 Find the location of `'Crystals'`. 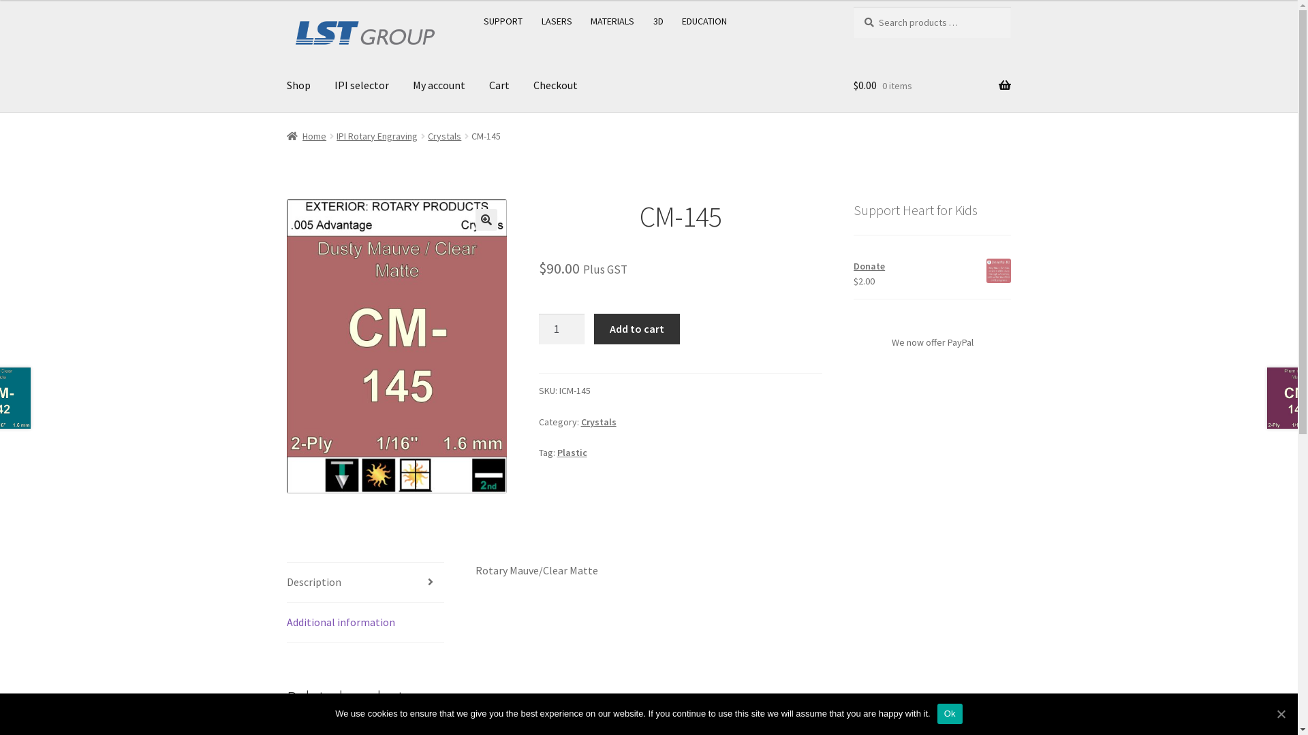

'Crystals' is located at coordinates (598, 421).